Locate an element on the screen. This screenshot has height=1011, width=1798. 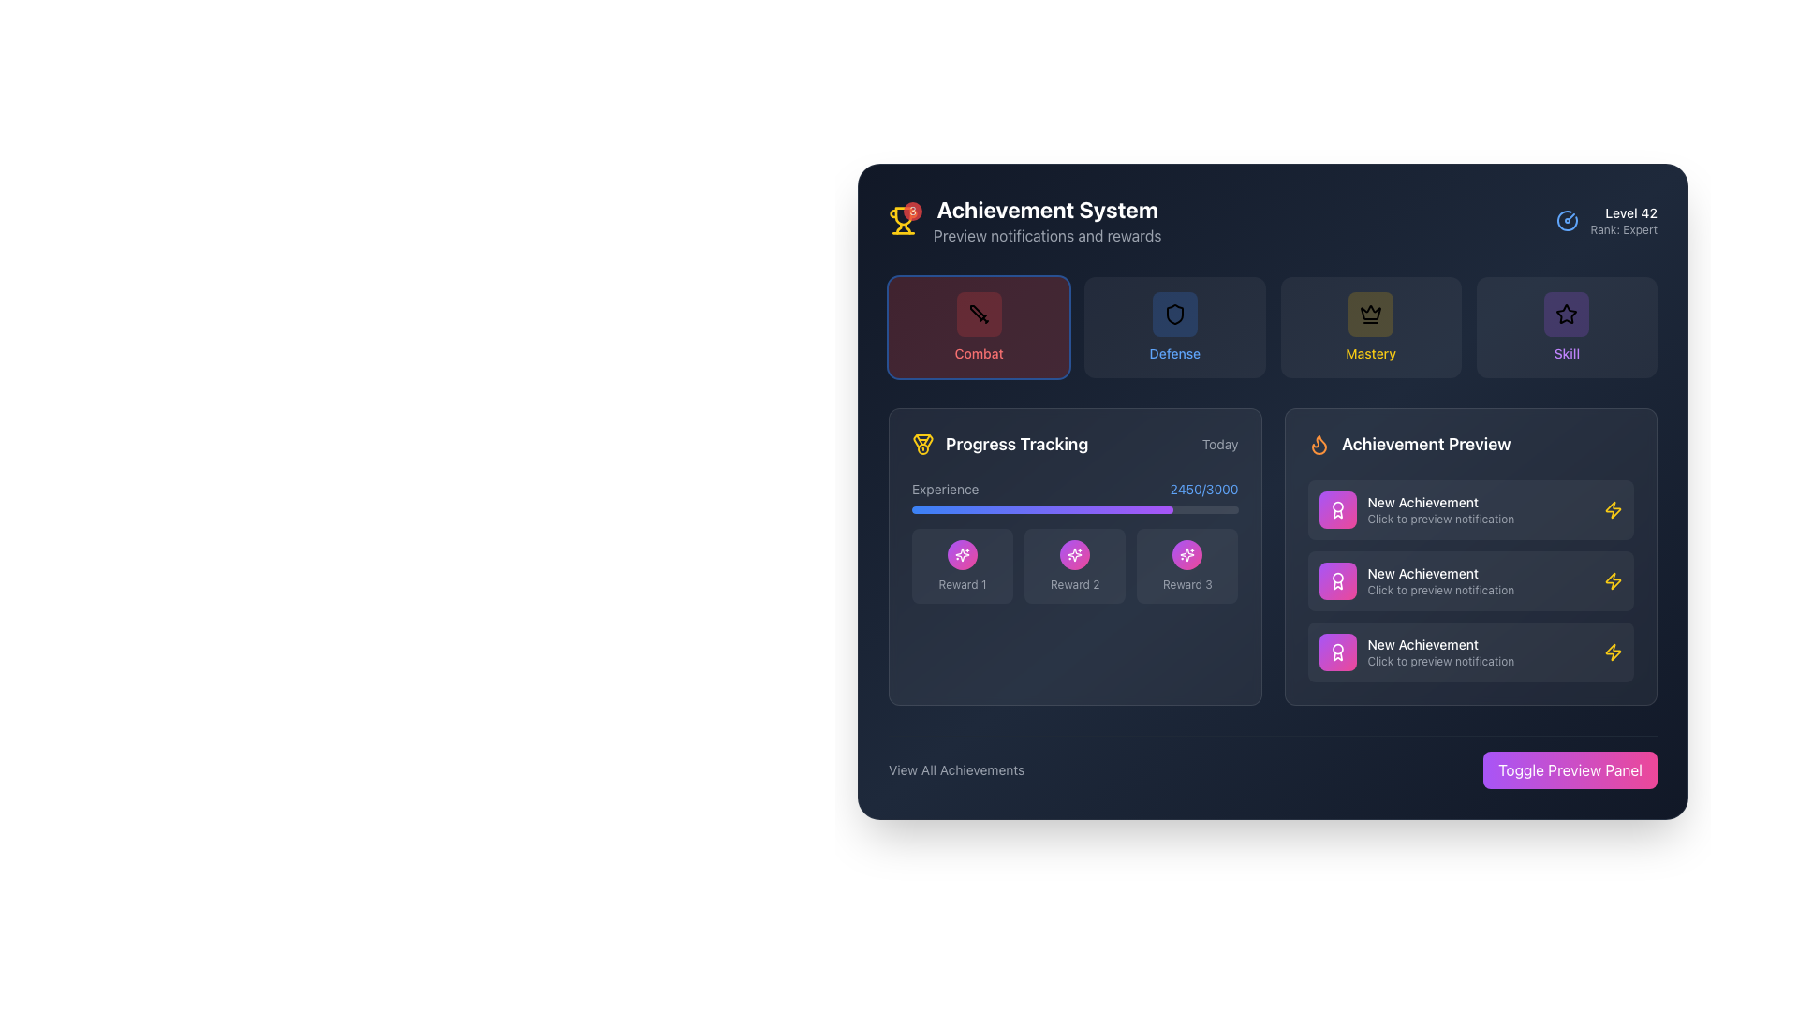
the clickable text link labeled 'View All Achievements' to change its text color to white is located at coordinates (956, 769).